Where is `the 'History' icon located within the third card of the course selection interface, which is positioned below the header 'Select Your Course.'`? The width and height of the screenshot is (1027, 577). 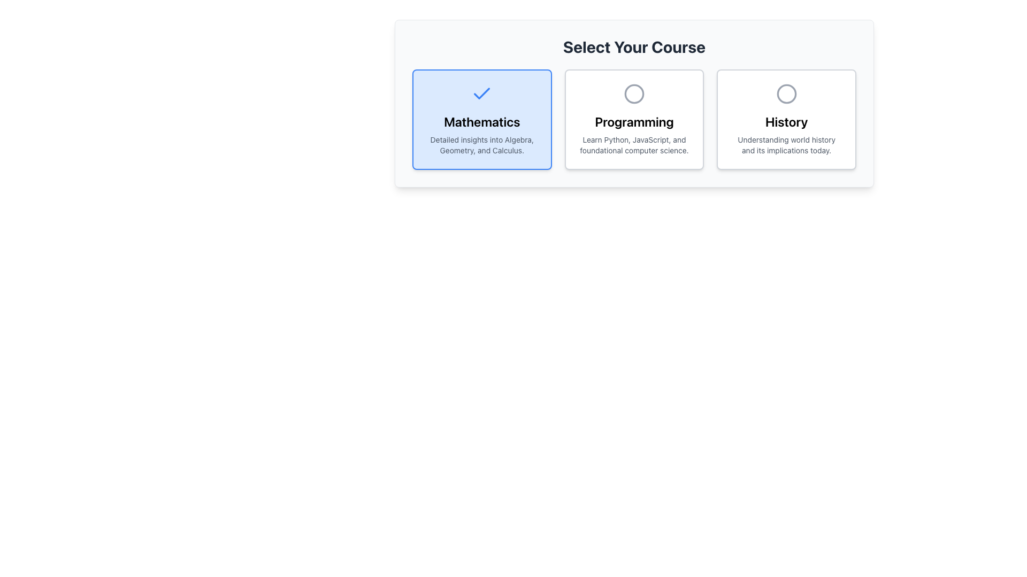
the 'History' icon located within the third card of the course selection interface, which is positioned below the header 'Select Your Course.' is located at coordinates (786, 93).